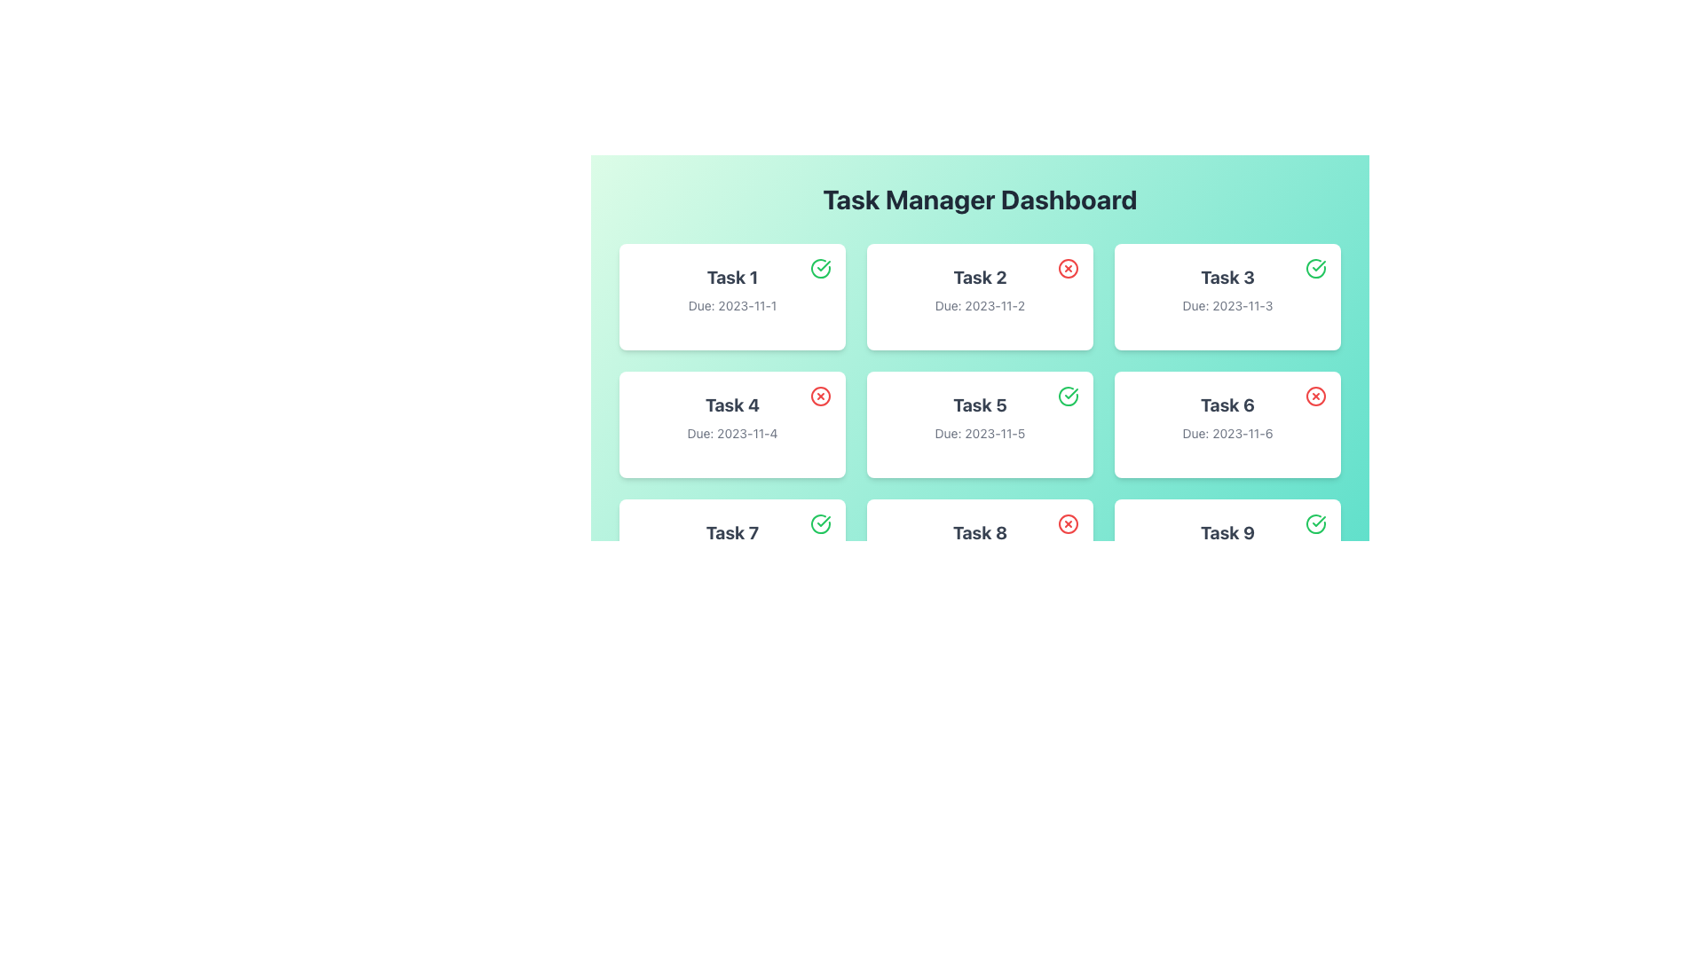 The width and height of the screenshot is (1704, 958). I want to click on text from the title Text Label located at the top-left corner of the task card in the bottom-right corner of the grid layout, so click(1227, 532).